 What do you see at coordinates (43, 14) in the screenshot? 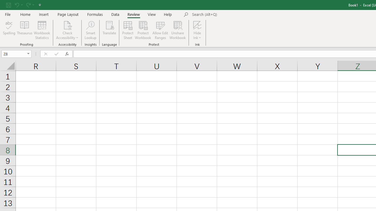
I see `'Insert'` at bounding box center [43, 14].